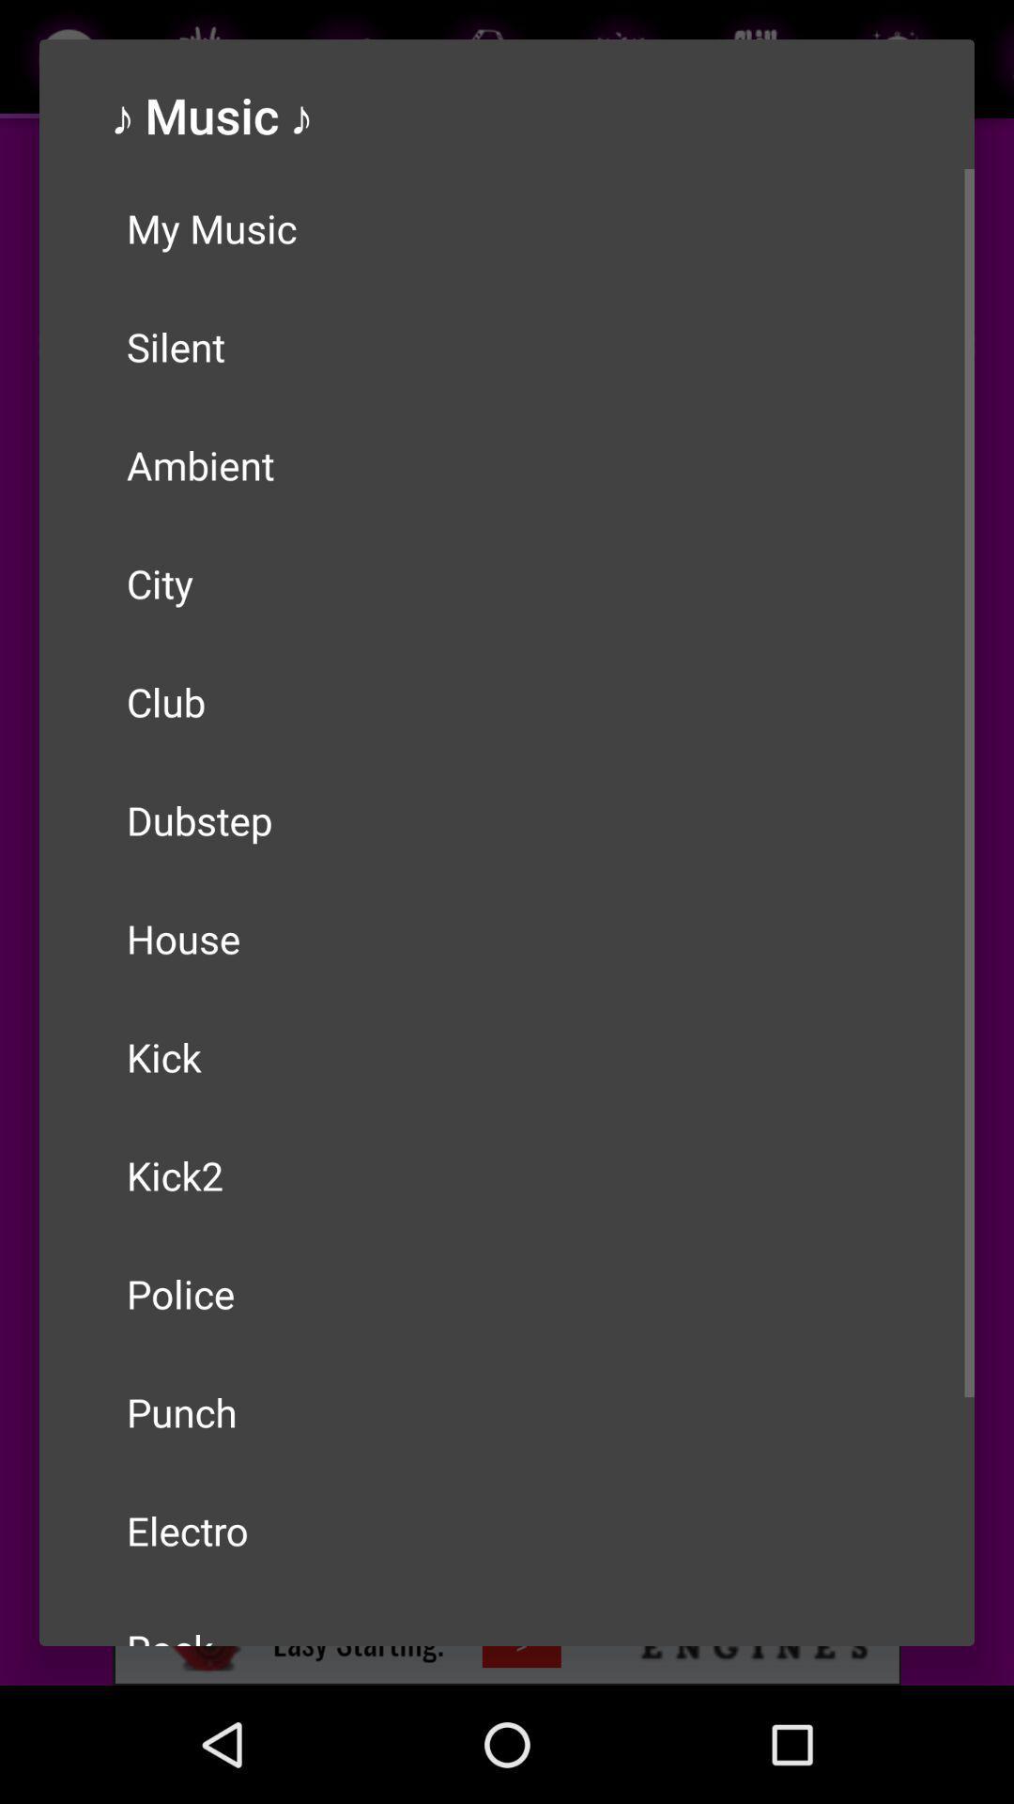 The height and width of the screenshot is (1804, 1014). What do you see at coordinates (507, 464) in the screenshot?
I see `the icon below the 		silent item` at bounding box center [507, 464].